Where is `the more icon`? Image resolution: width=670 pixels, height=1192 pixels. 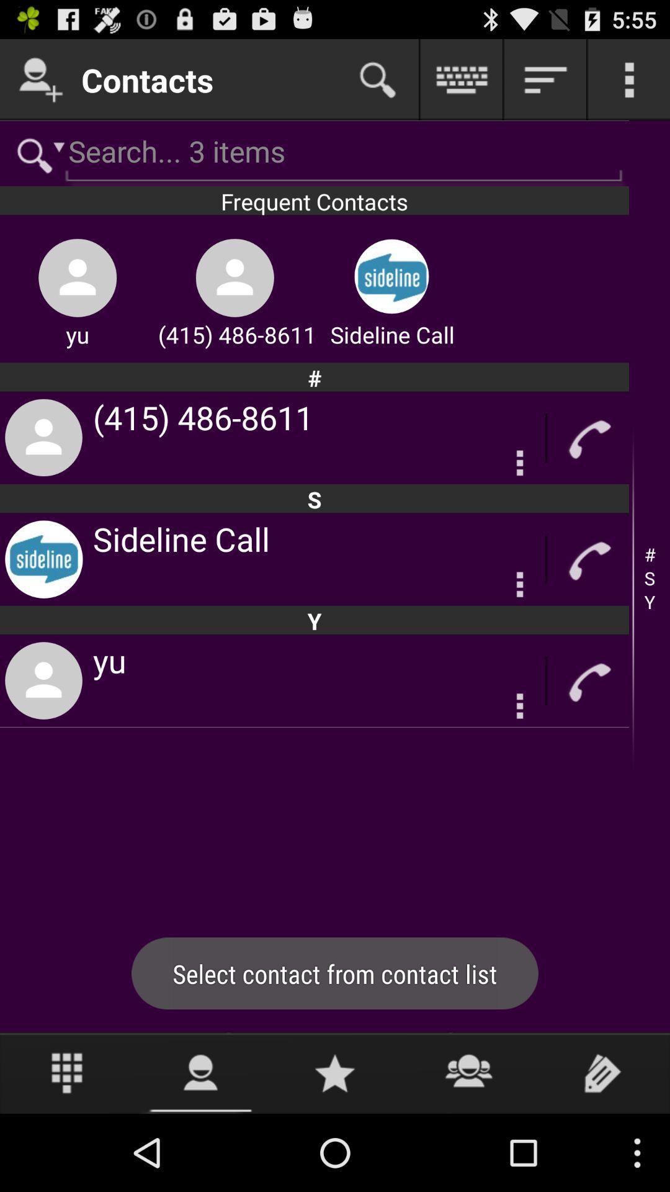
the more icon is located at coordinates (629, 84).